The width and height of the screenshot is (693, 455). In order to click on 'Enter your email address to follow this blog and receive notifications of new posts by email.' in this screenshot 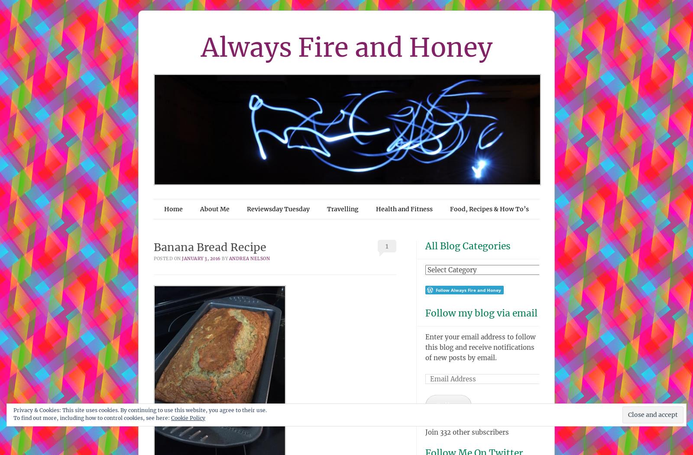, I will do `click(424, 347)`.